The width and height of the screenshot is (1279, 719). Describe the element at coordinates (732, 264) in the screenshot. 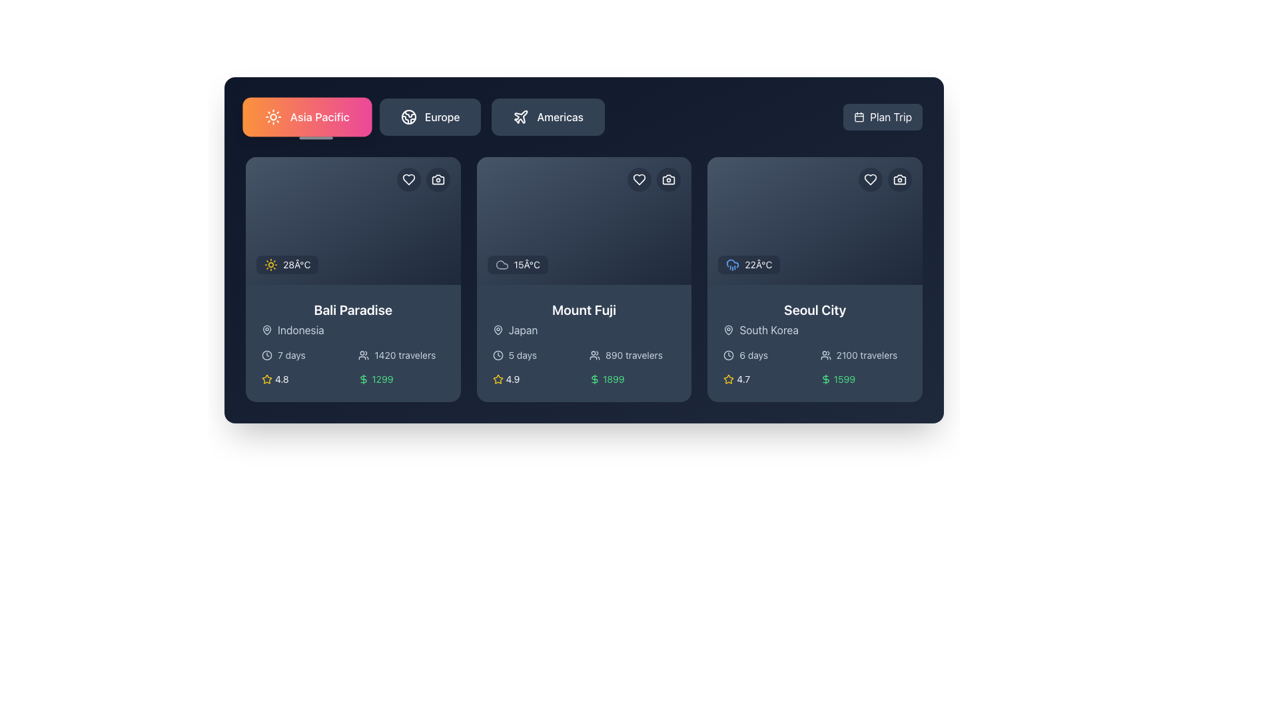

I see `the weather condition icon representing rain for the Seoul City destination, located in the top-left corner of the Seoul City card, adjacent to the text '22°C'` at that location.